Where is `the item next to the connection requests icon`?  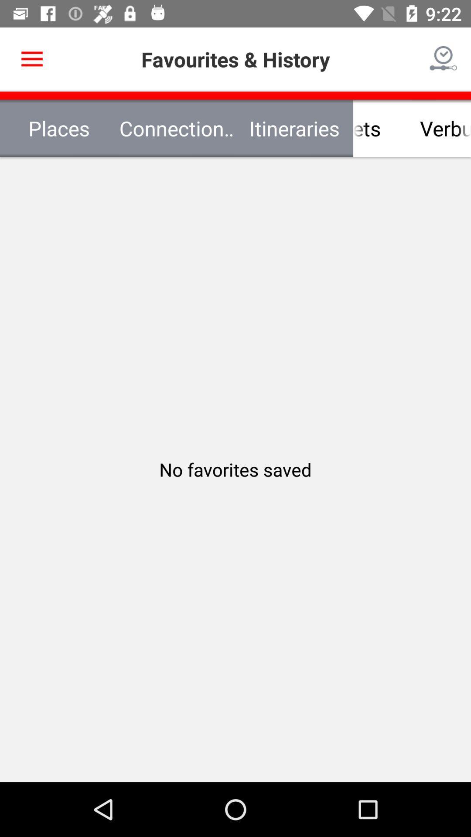
the item next to the connection requests icon is located at coordinates (59, 128).